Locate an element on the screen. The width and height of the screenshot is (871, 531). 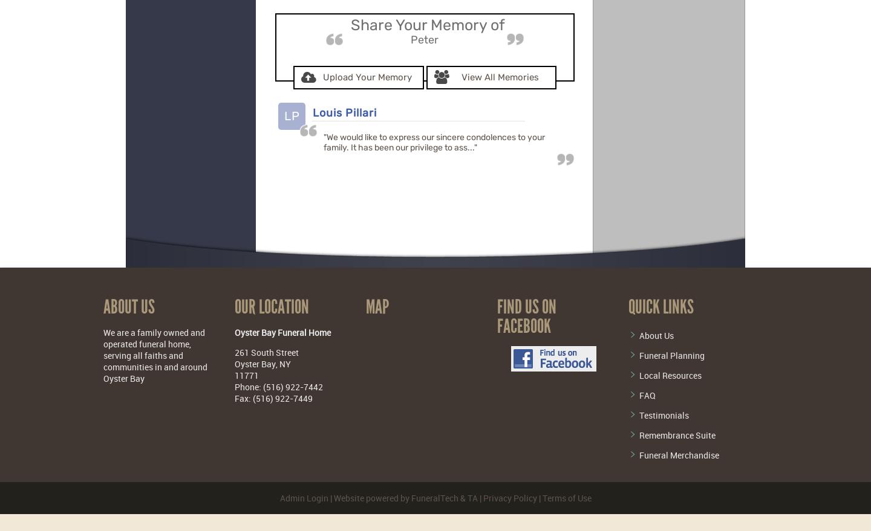
'View All Memories' is located at coordinates (500, 77).